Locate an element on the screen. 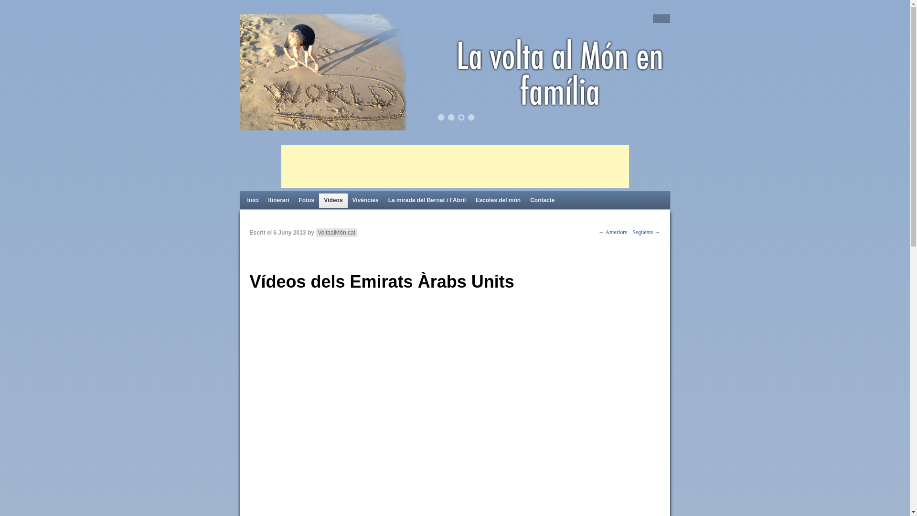 This screenshot has width=917, height=516. 'Contacte' is located at coordinates (542, 200).